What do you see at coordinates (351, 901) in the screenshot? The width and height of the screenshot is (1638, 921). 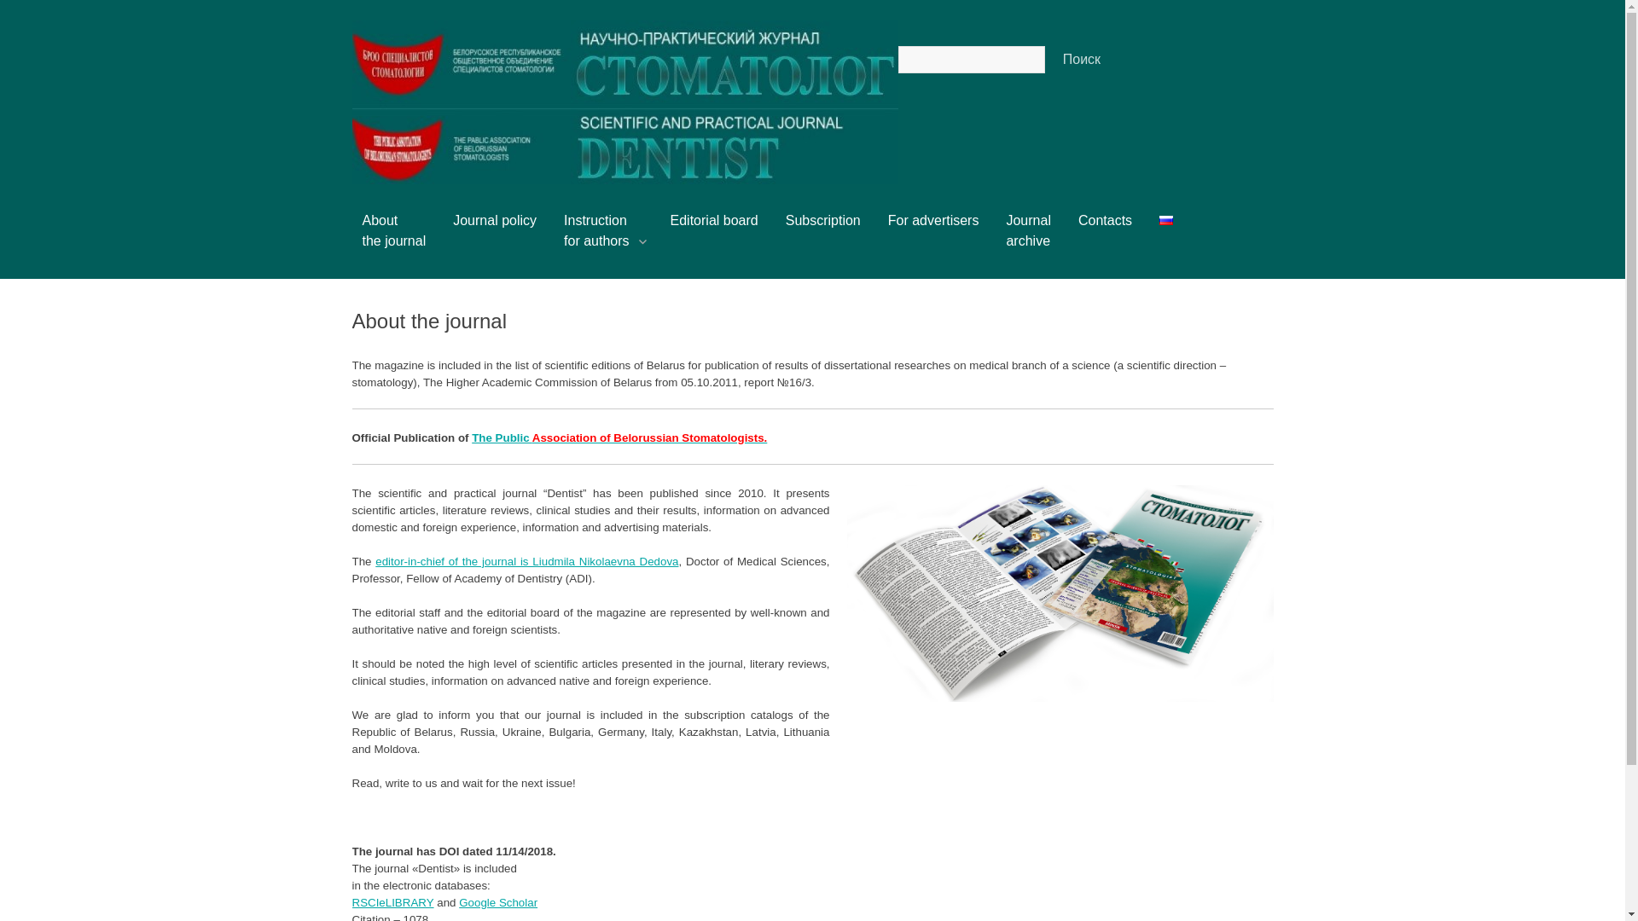 I see `'RSCIeLIBRARY'` at bounding box center [351, 901].